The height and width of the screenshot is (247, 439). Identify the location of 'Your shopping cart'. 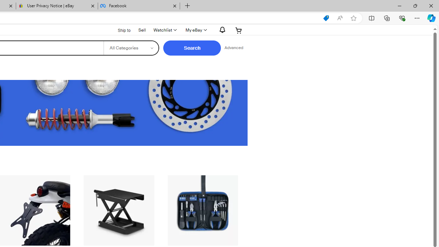
(239, 30).